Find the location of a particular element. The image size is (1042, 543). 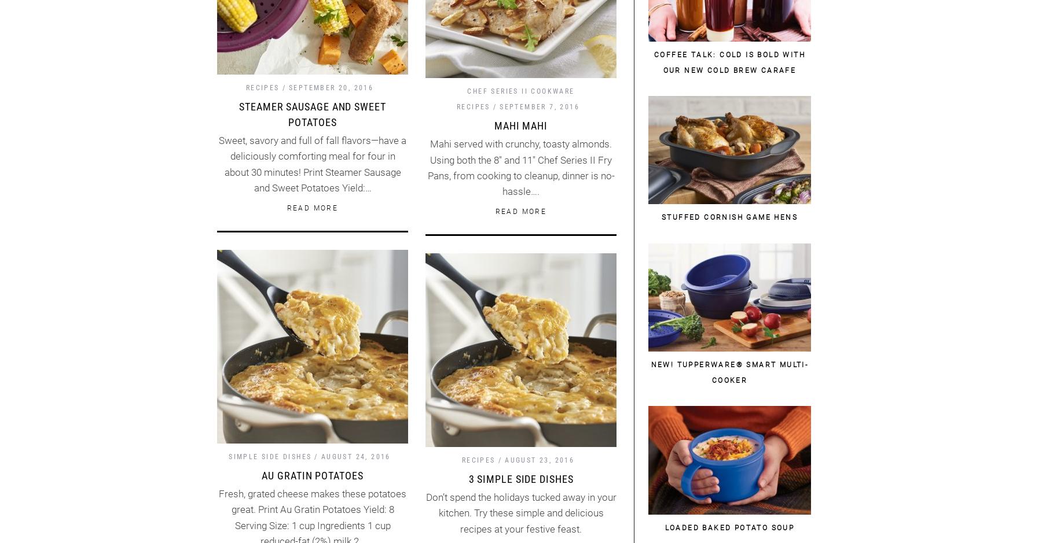

'Loaded Baked Potato Soup' is located at coordinates (664, 526).